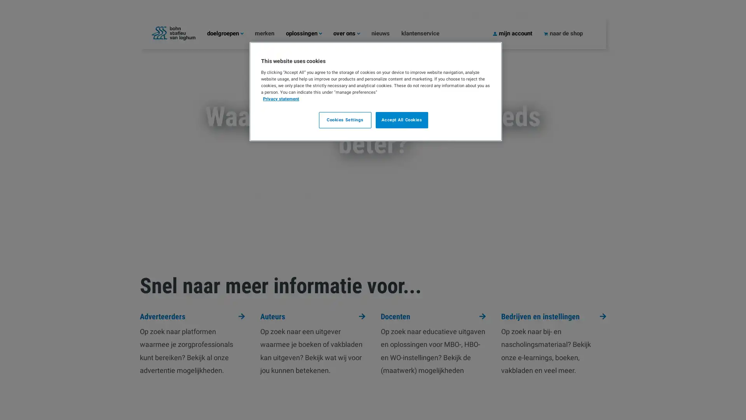 The width and height of the screenshot is (746, 420). Describe the element at coordinates (309, 33) in the screenshot. I see `oplossingen` at that location.